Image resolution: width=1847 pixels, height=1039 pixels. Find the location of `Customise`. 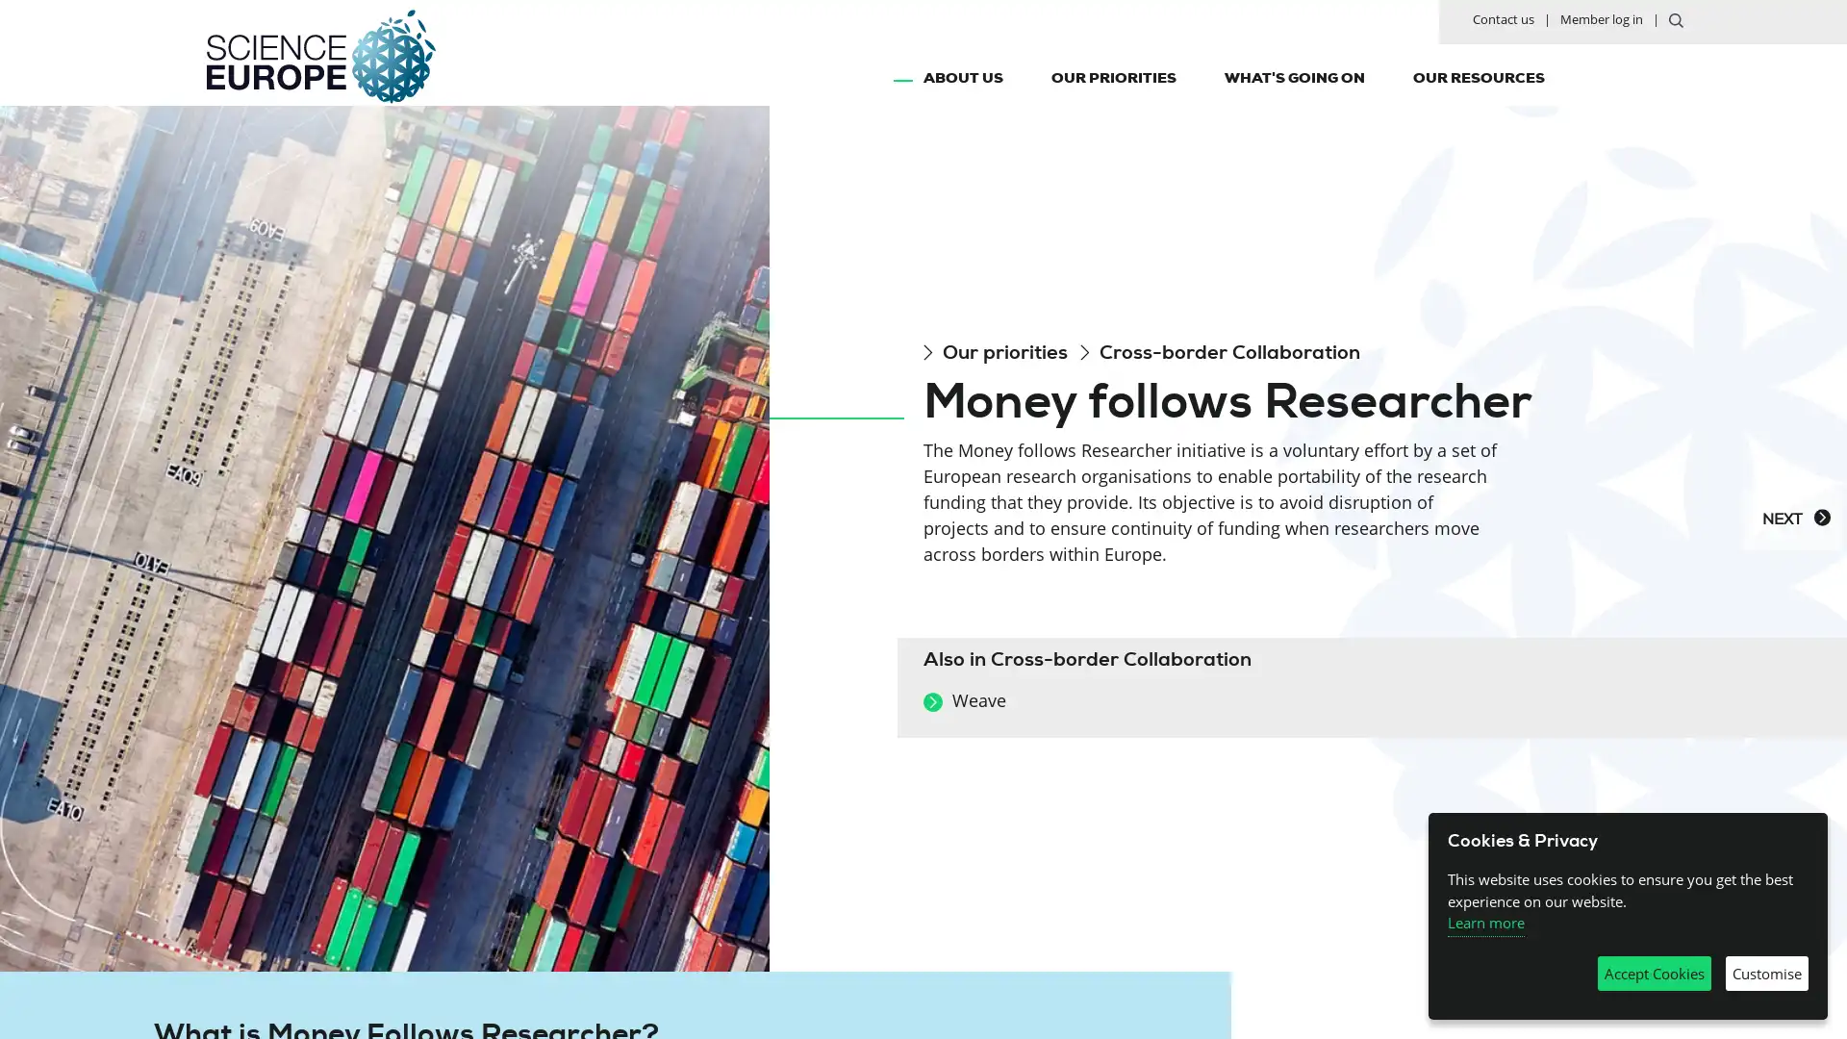

Customise is located at coordinates (1767, 973).